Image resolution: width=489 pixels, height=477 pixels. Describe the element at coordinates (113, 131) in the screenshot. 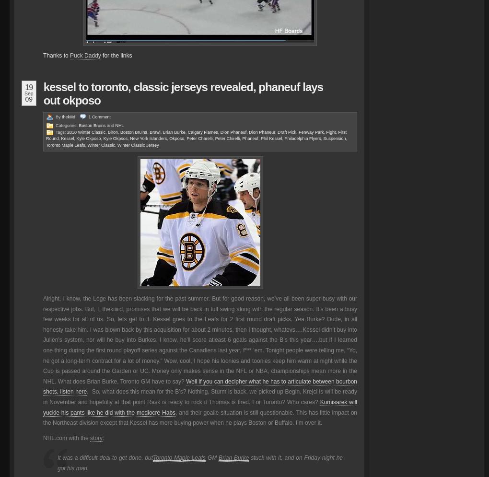

I see `'Biron'` at that location.